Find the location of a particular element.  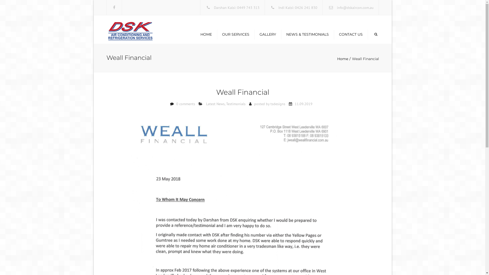

'HOME' is located at coordinates (206, 34).